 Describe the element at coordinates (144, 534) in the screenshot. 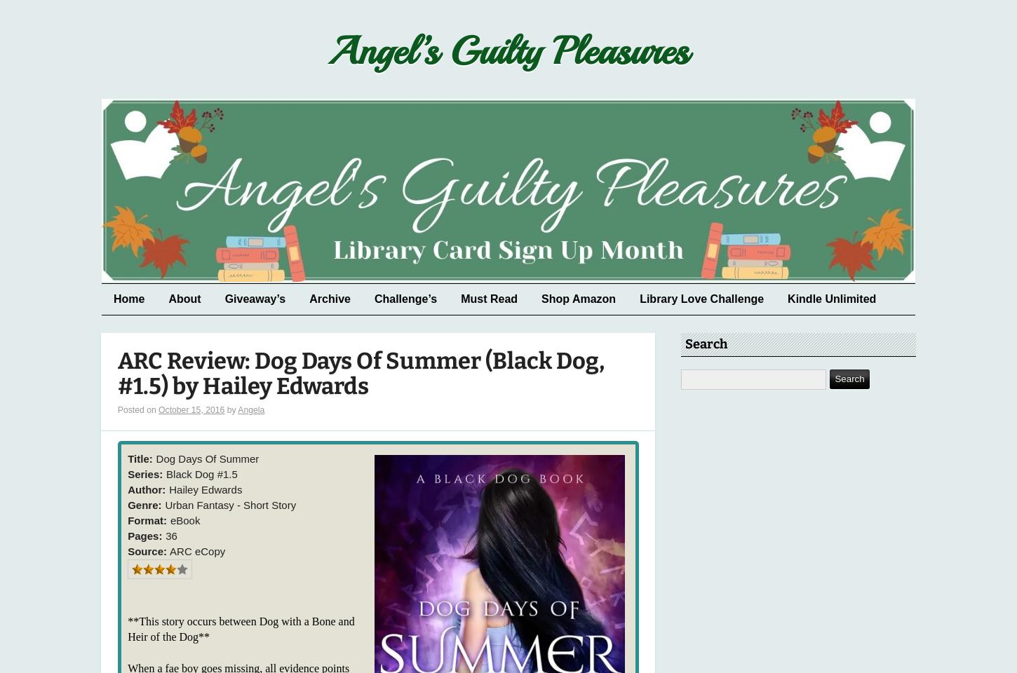

I see `'Pages:'` at that location.